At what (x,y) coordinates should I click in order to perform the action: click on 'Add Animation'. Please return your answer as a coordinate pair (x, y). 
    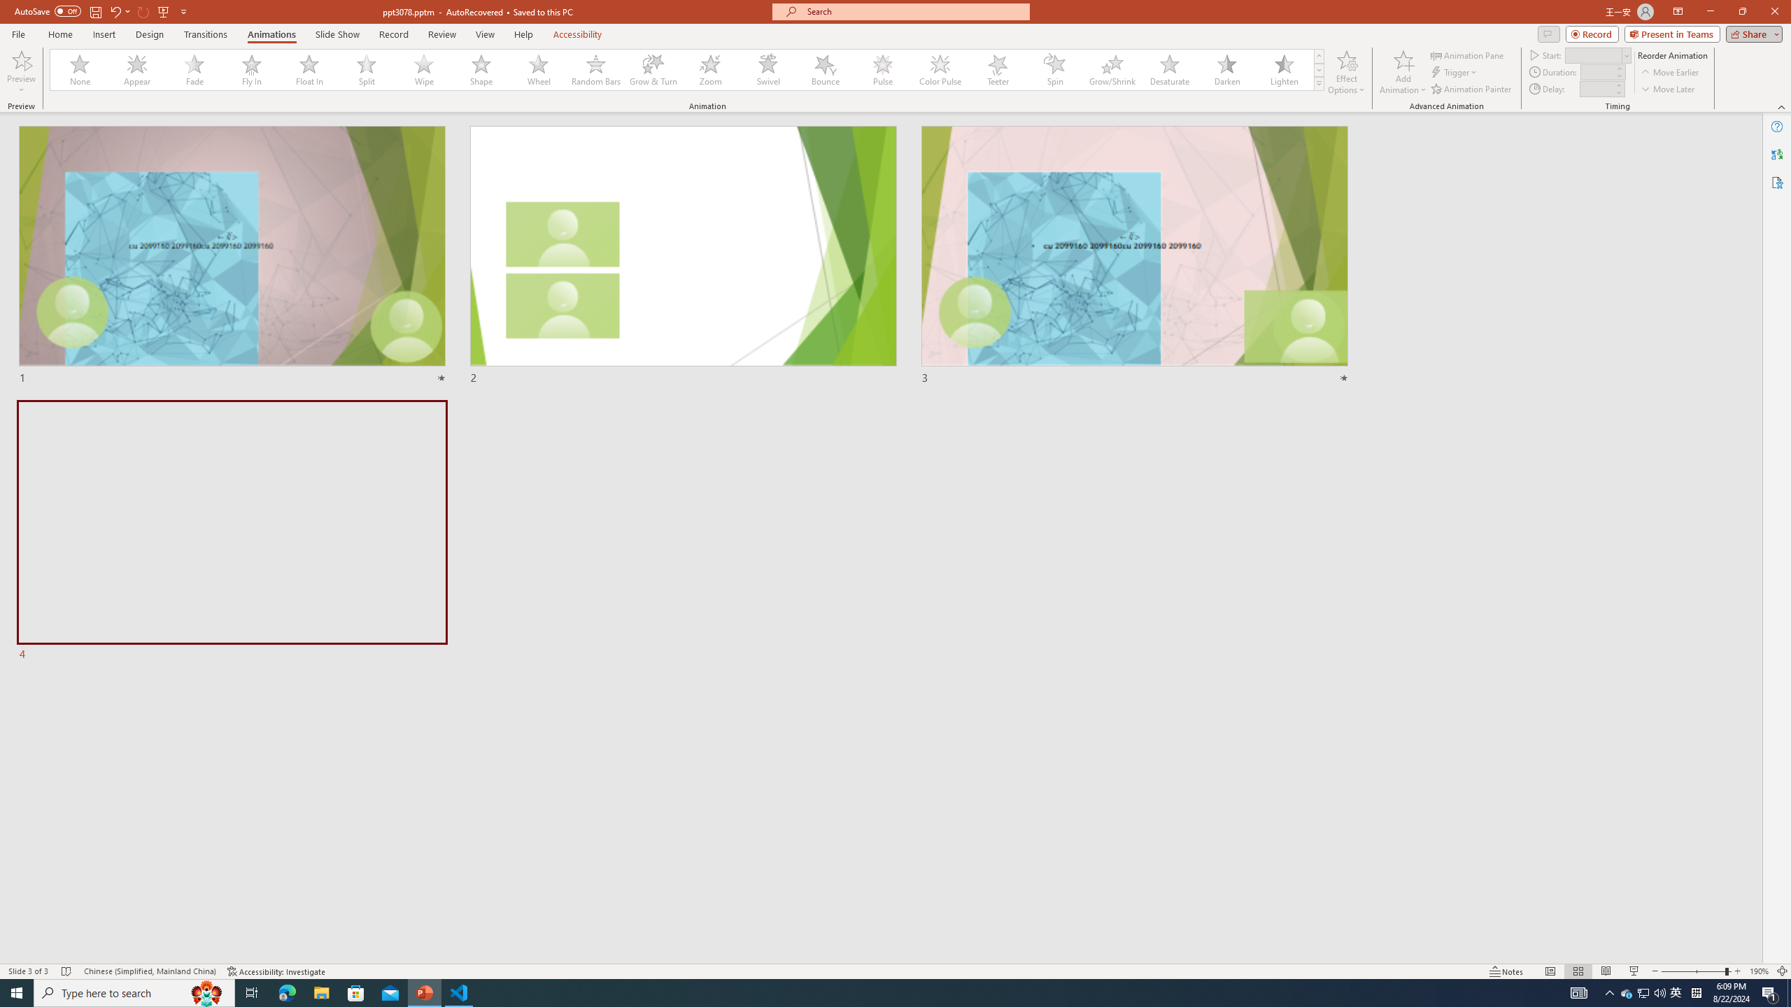
    Looking at the image, I should click on (1403, 72).